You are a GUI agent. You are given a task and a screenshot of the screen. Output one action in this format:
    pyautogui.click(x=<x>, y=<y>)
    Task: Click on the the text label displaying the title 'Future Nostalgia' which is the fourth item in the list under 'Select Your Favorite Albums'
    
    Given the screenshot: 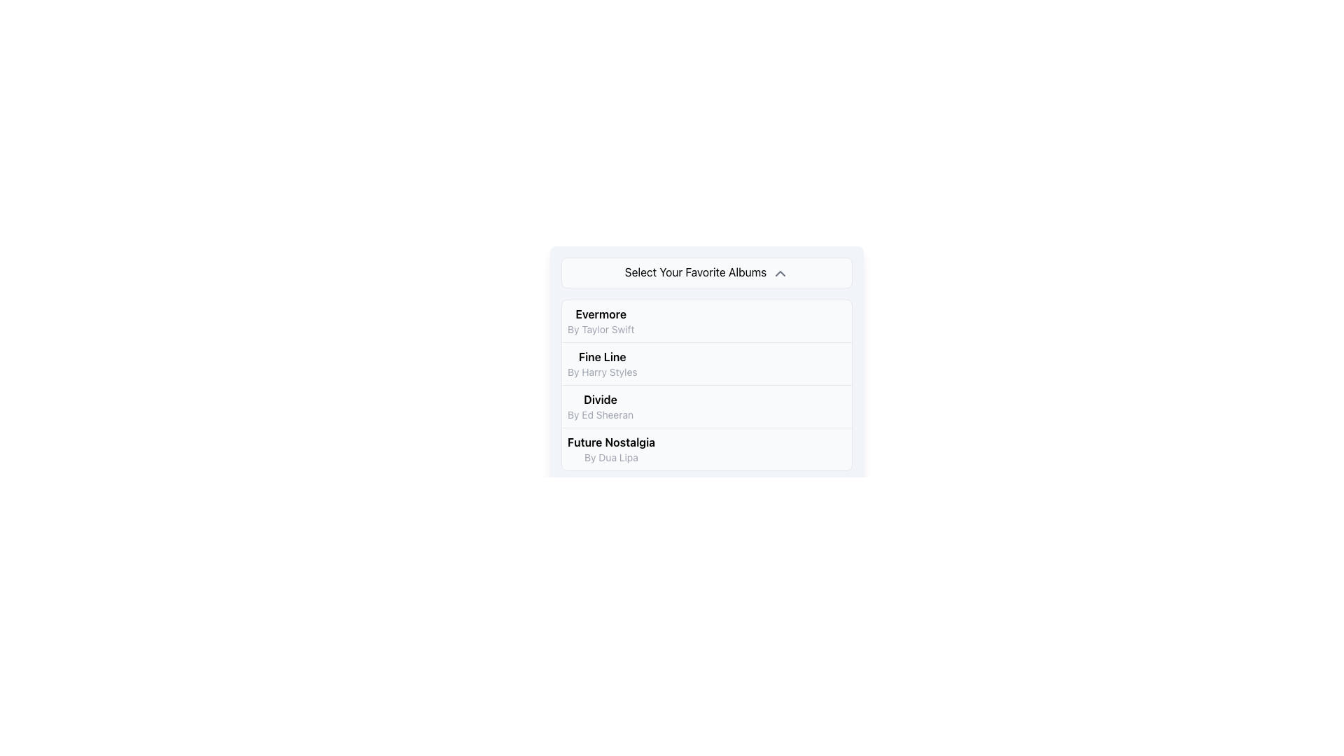 What is the action you would take?
    pyautogui.click(x=611, y=442)
    